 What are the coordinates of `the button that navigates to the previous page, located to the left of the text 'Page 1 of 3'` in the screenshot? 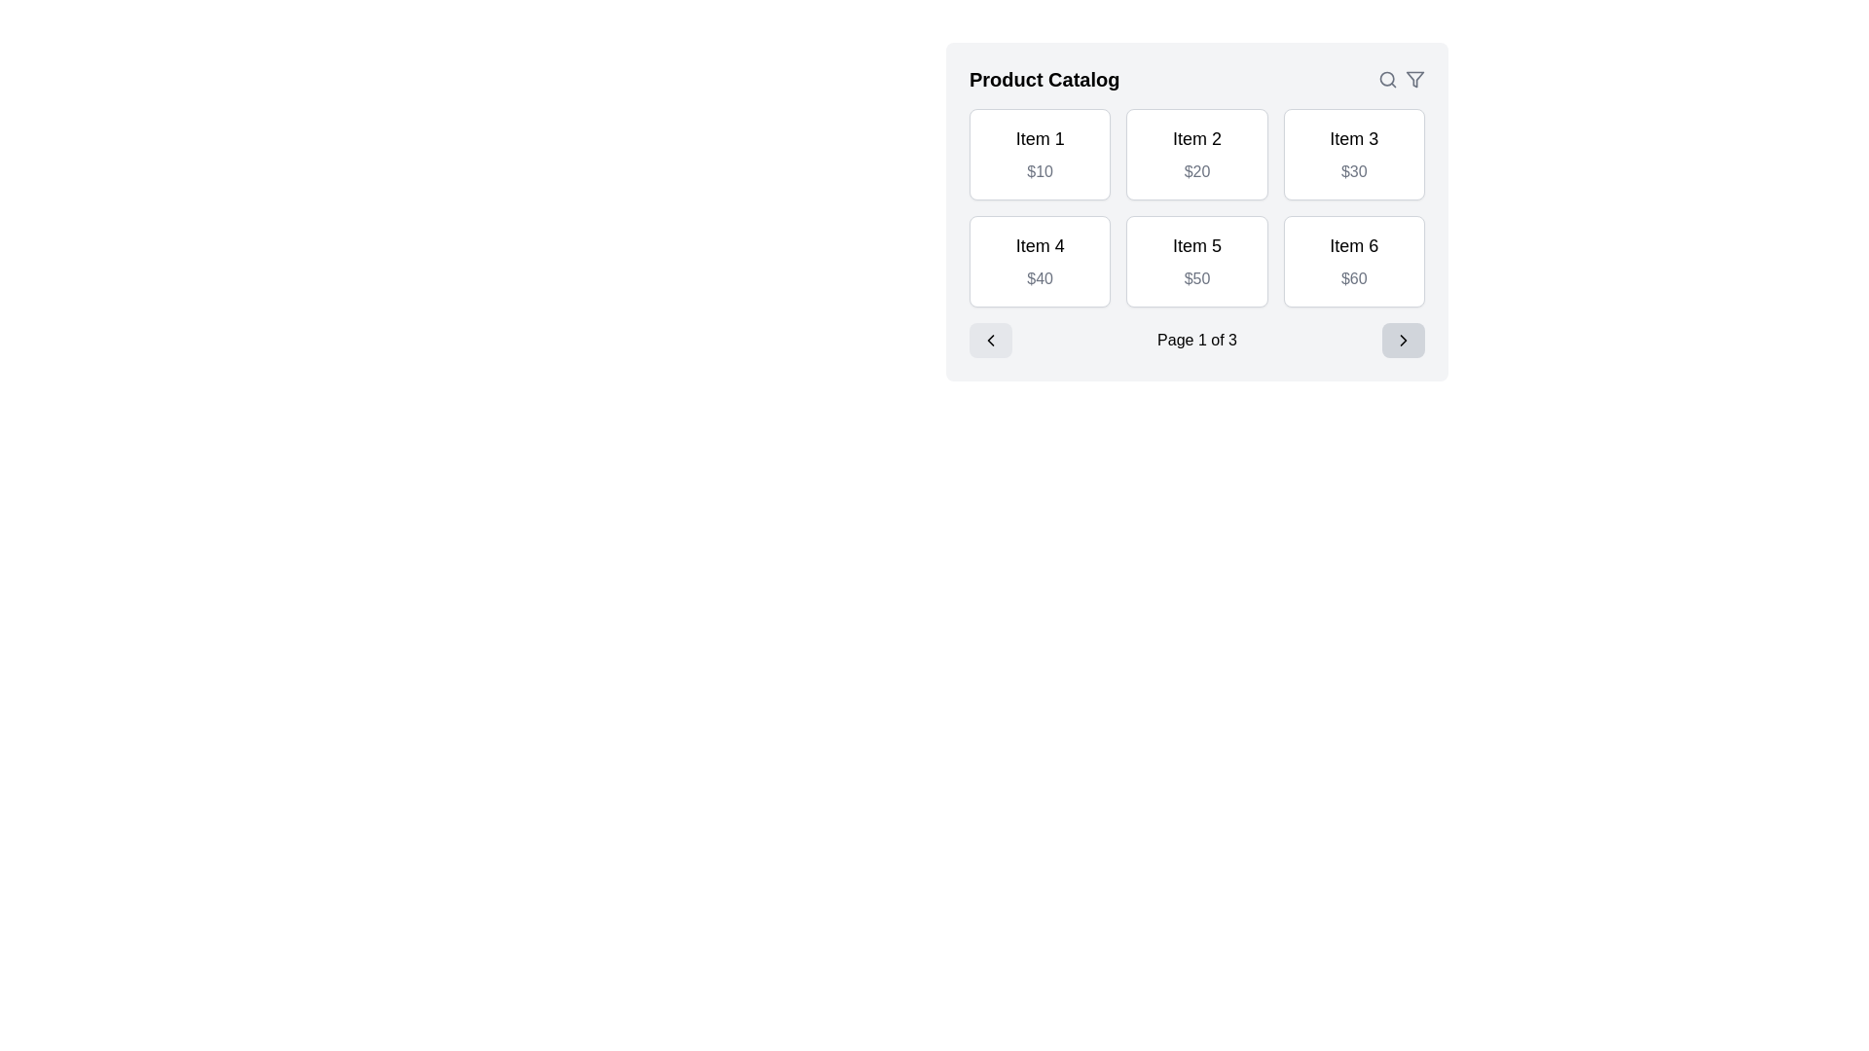 It's located at (990, 340).